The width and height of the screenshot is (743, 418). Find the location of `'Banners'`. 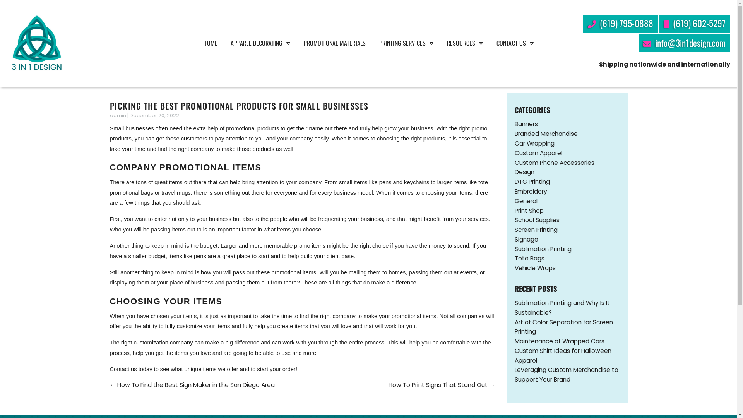

'Banners' is located at coordinates (526, 123).